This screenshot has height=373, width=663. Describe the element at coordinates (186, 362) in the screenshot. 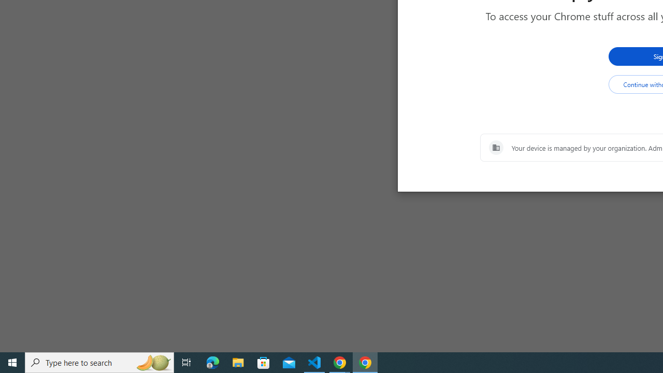

I see `'Task View'` at that location.